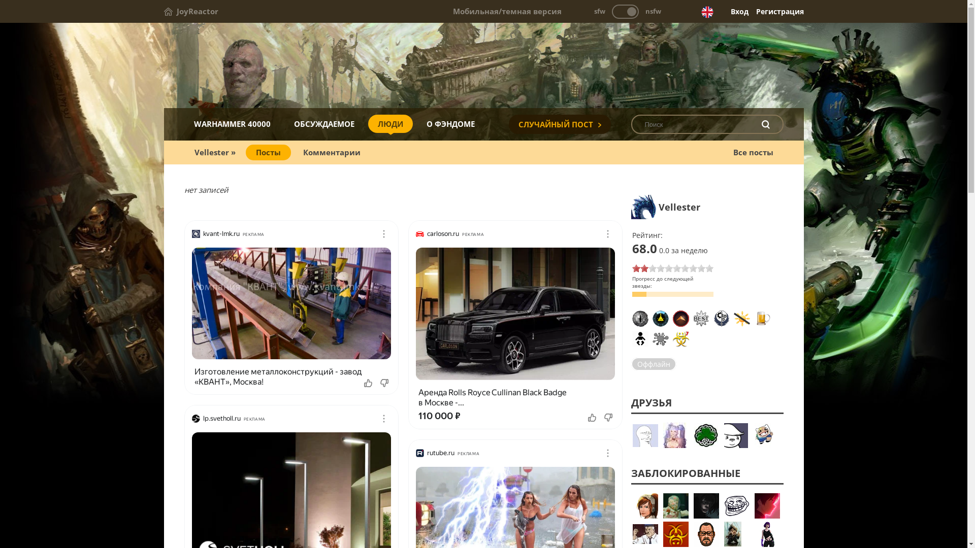  What do you see at coordinates (700, 12) in the screenshot?
I see `'English version'` at bounding box center [700, 12].